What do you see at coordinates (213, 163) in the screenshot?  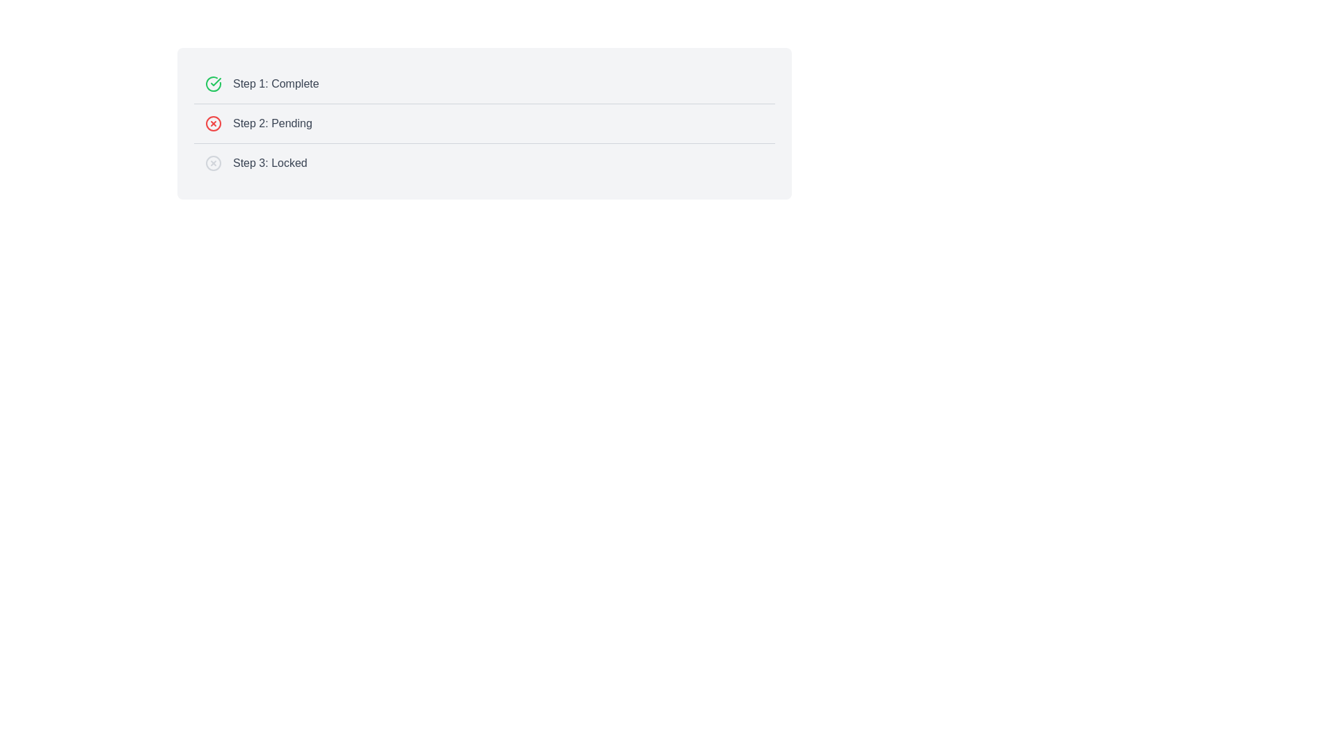 I see `the Status icon, which is a circular icon with a cross mark inside, styled with a thin stroke and light gray color, located to the left of the text 'Step 3: Locked'` at bounding box center [213, 163].